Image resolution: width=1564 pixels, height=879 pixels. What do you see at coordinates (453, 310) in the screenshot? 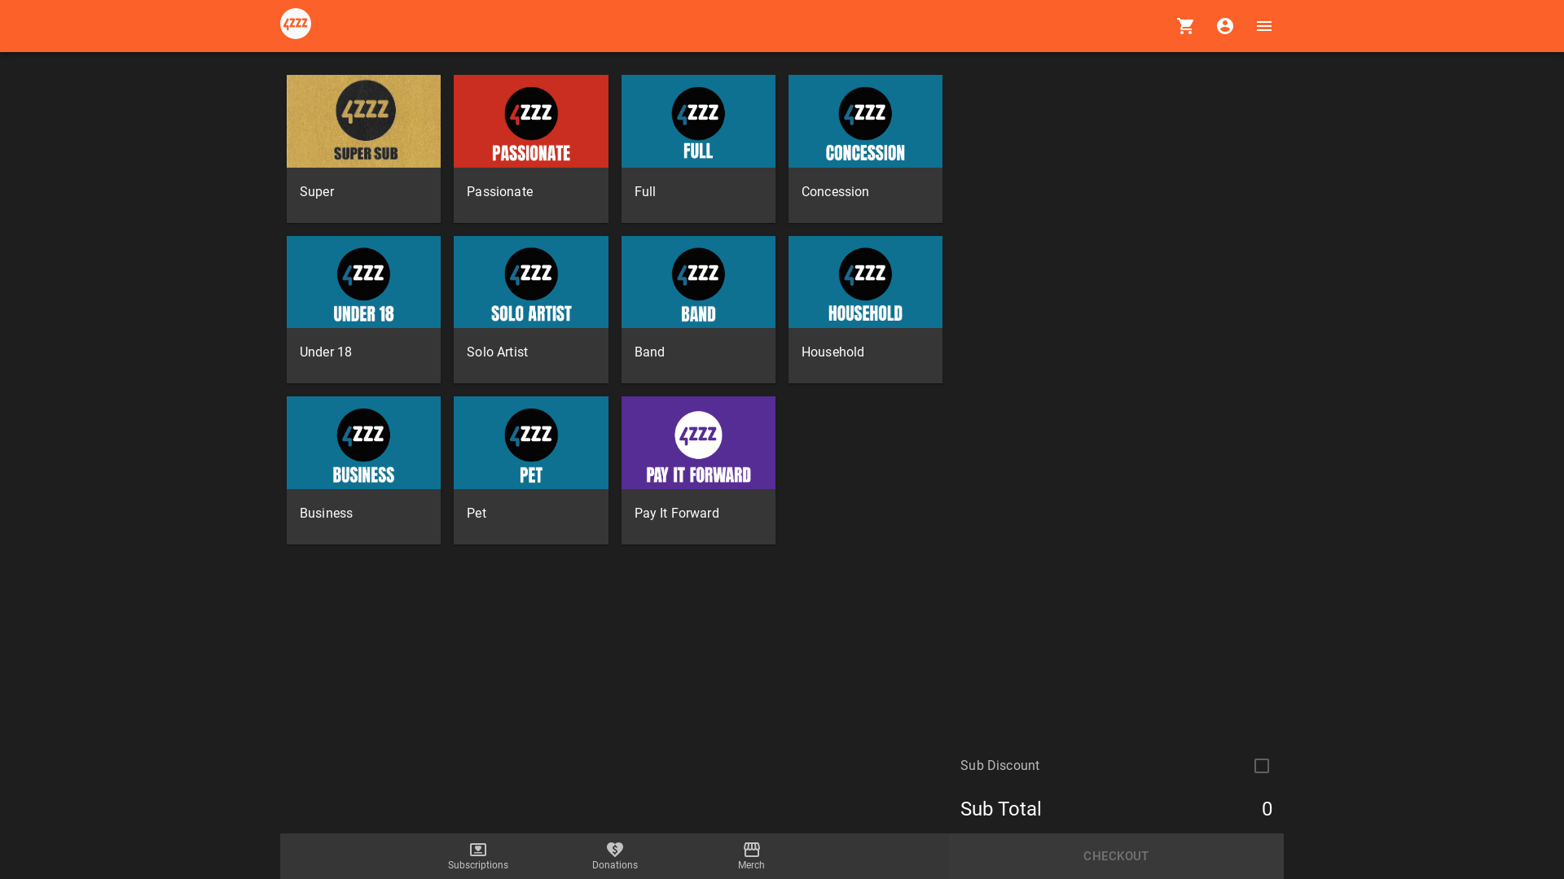
I see `'Solo Artist'` at bounding box center [453, 310].